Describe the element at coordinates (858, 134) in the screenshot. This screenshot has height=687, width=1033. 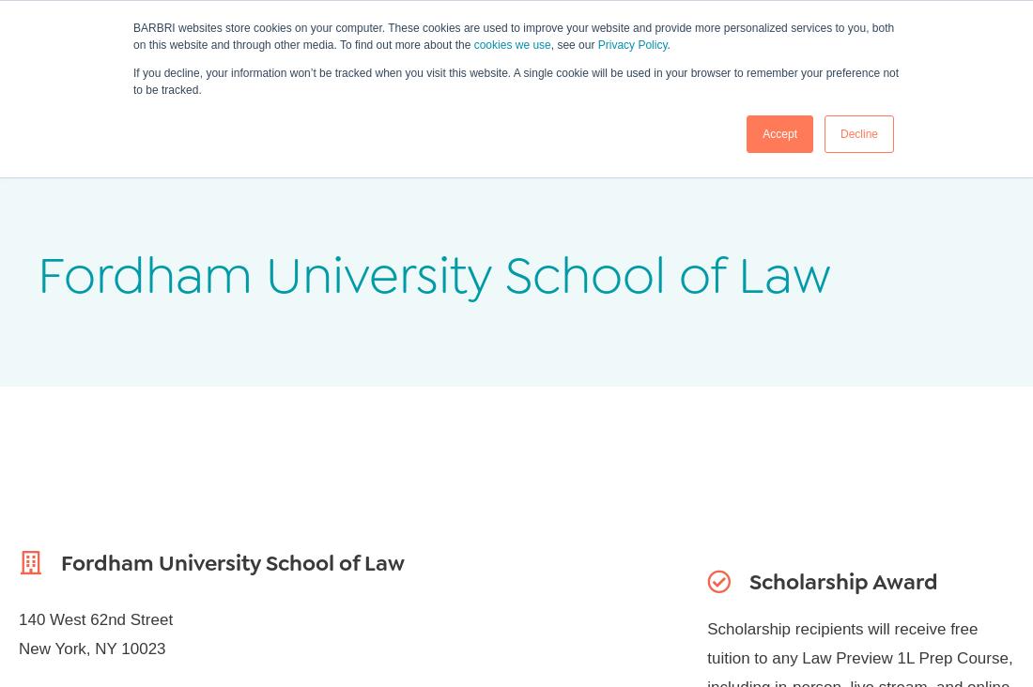
I see `'Decline'` at that location.